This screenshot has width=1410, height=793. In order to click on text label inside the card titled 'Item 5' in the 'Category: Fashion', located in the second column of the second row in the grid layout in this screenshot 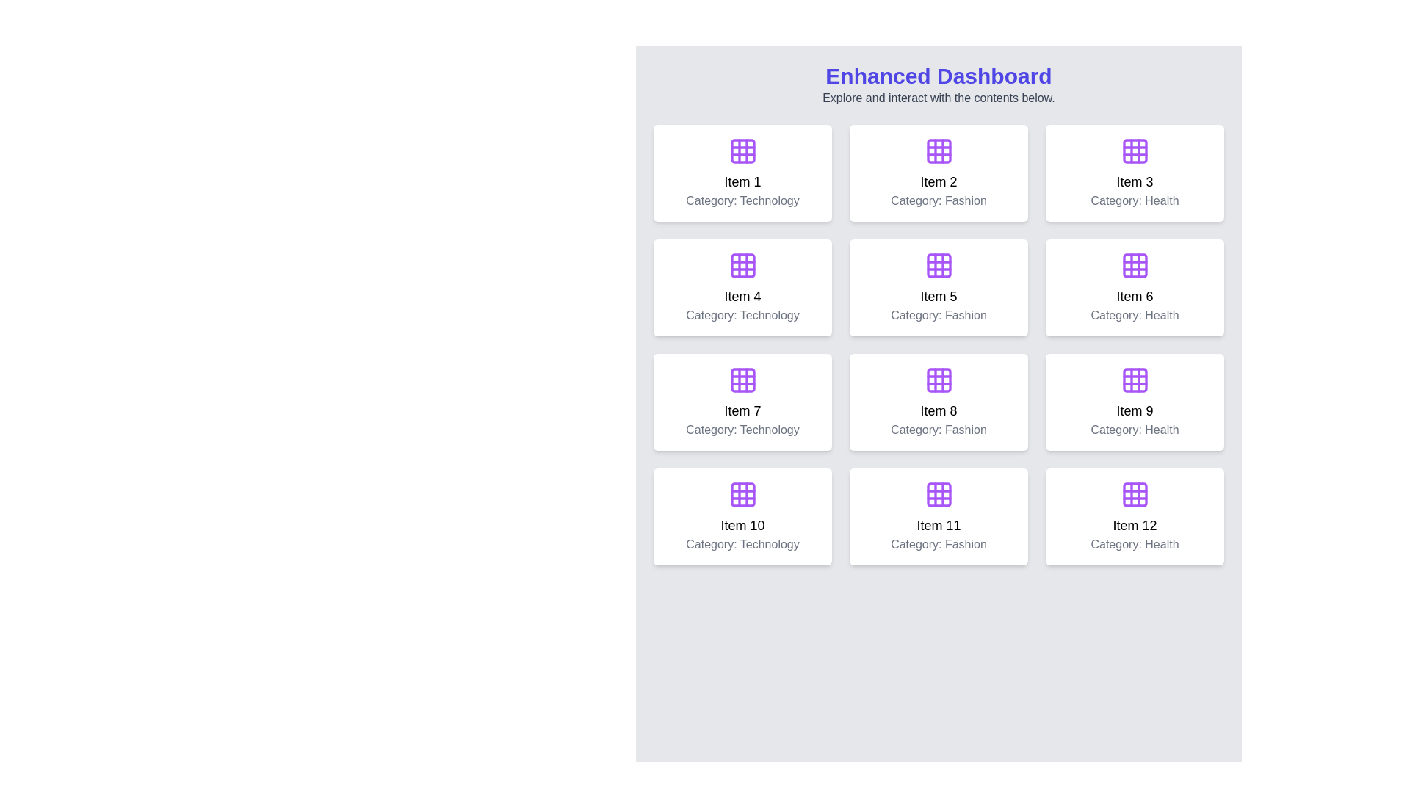, I will do `click(938, 297)`.